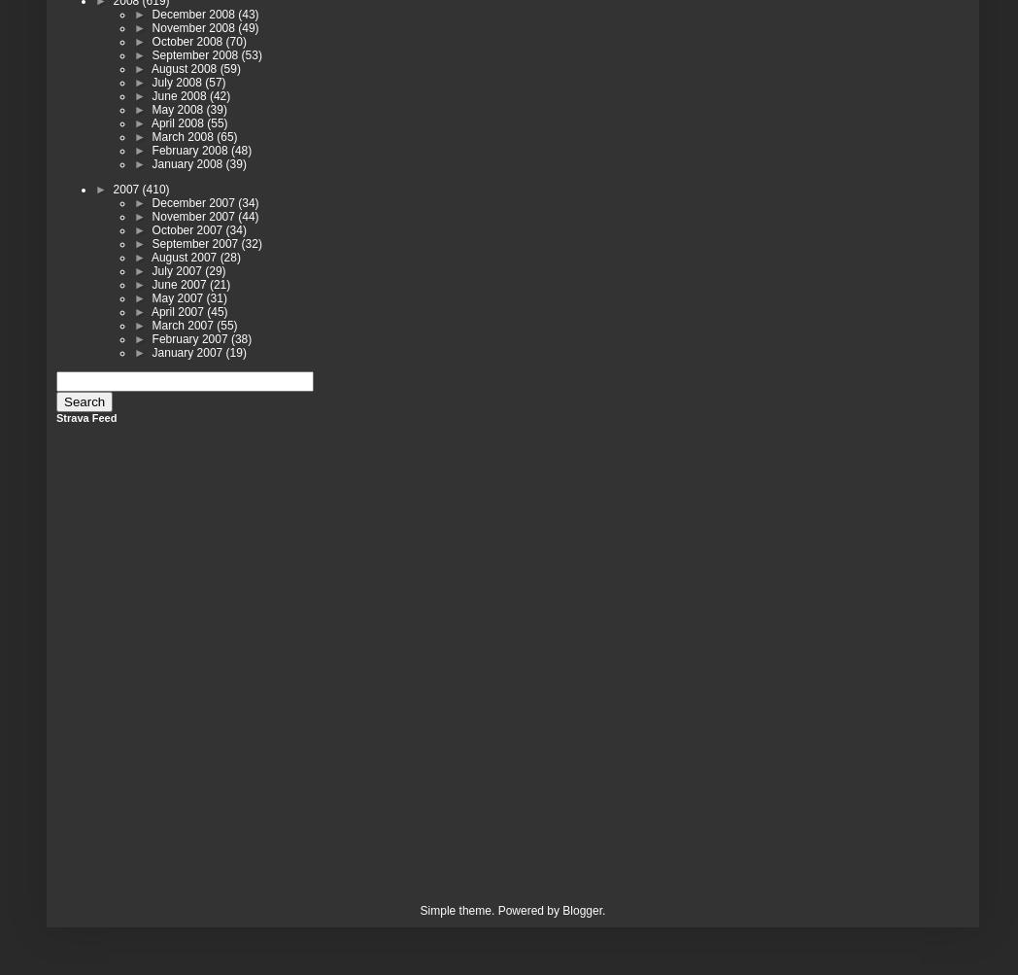  Describe the element at coordinates (189, 337) in the screenshot. I see `'February 2007'` at that location.